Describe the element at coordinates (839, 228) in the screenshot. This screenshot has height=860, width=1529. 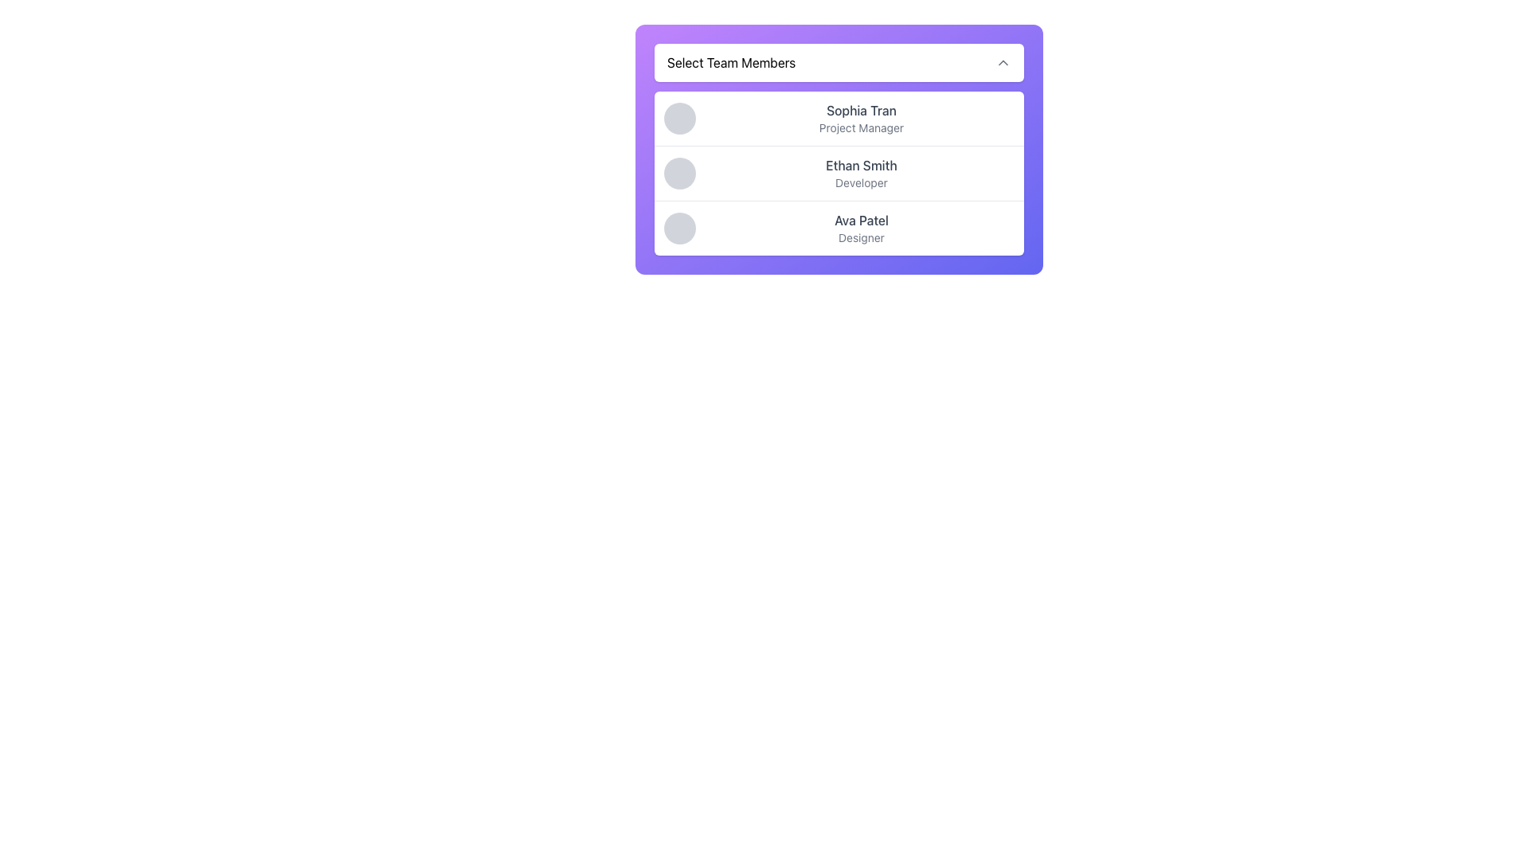
I see `the selectable list item representing the user 'Ava Patel' with the role 'Designer' to interact with it` at that location.